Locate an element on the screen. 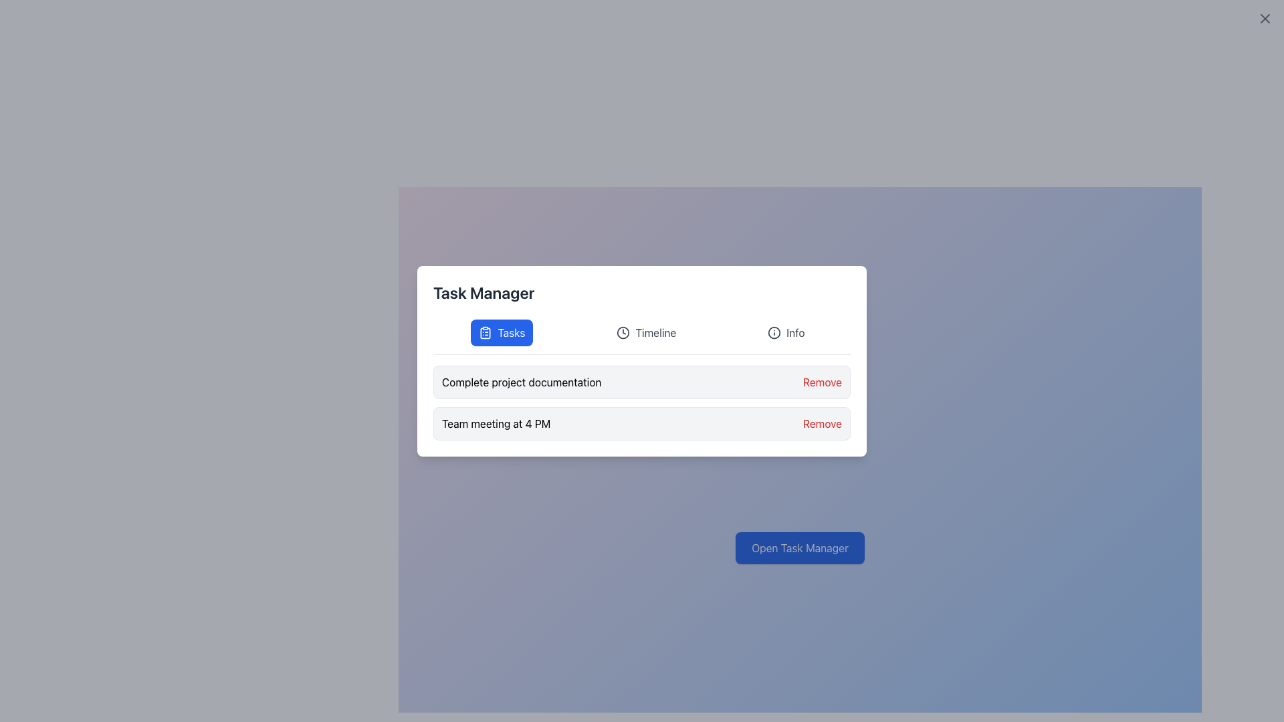  the 'Tasks' text label in the upper-left navigation bar is located at coordinates (510, 332).